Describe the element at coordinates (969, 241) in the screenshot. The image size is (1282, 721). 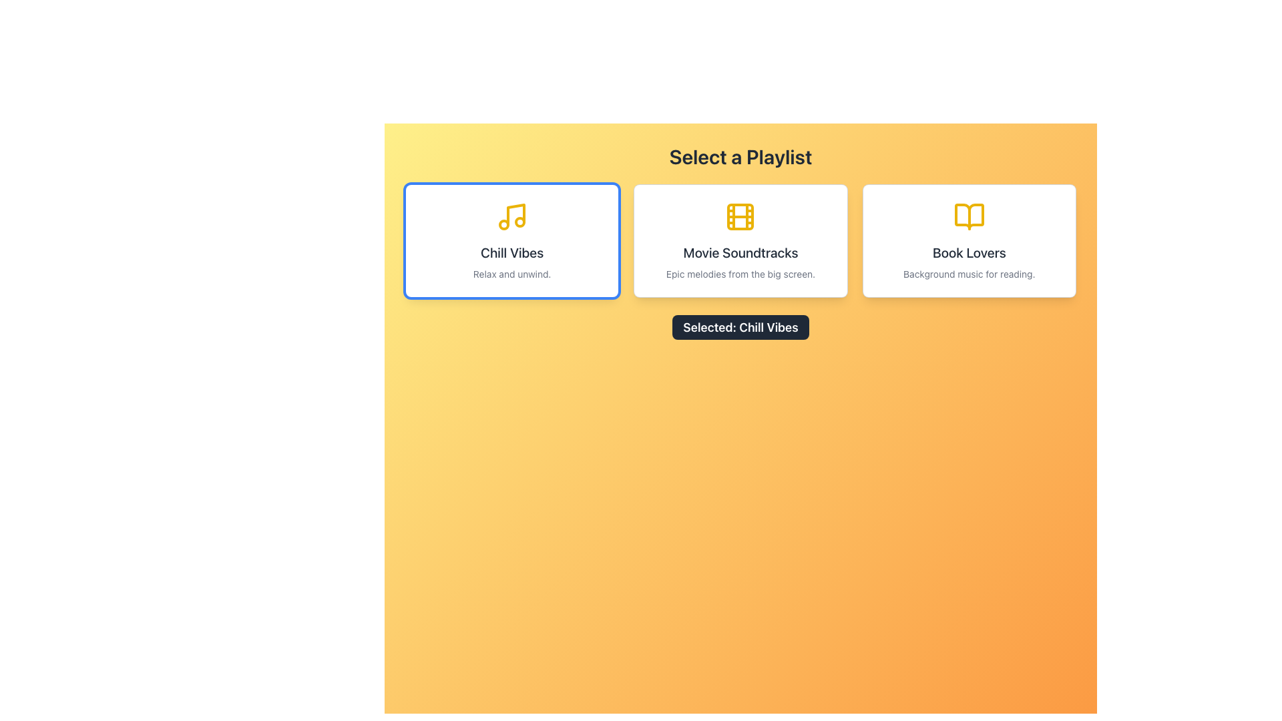
I see `the 'Book Lovers' playlist card, which is the third card in a horizontally aligned grid` at that location.